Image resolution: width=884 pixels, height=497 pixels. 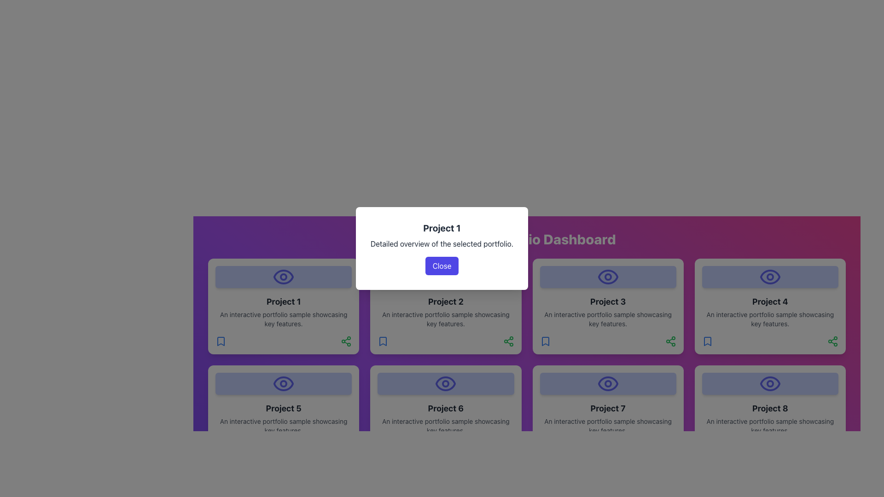 I want to click on the eye icon in the Project 6 card to initiate a view or preview action, so click(x=446, y=383).